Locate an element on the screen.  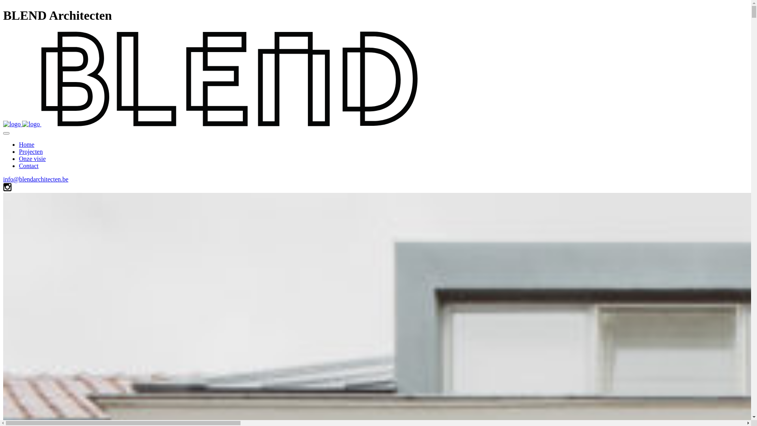
'info@blendarchitecten.be' is located at coordinates (35, 179).